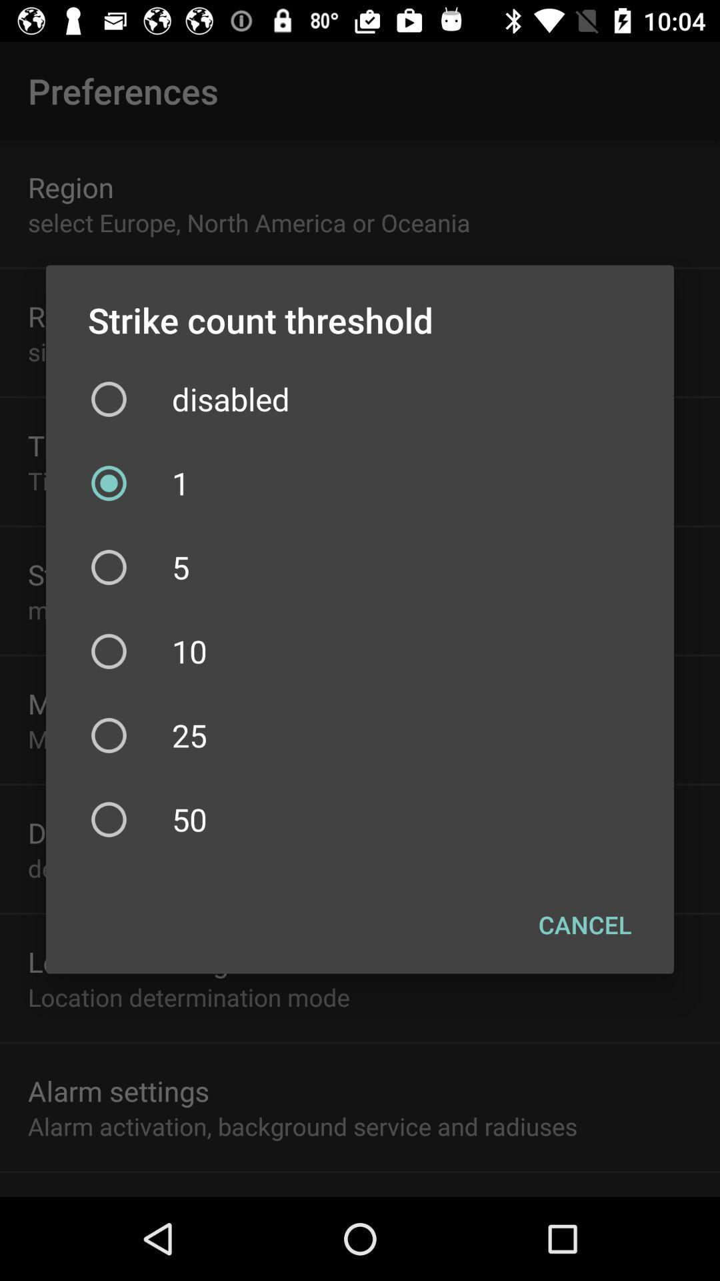 This screenshot has height=1281, width=720. What do you see at coordinates (584, 924) in the screenshot?
I see `cancel at the bottom right corner` at bounding box center [584, 924].